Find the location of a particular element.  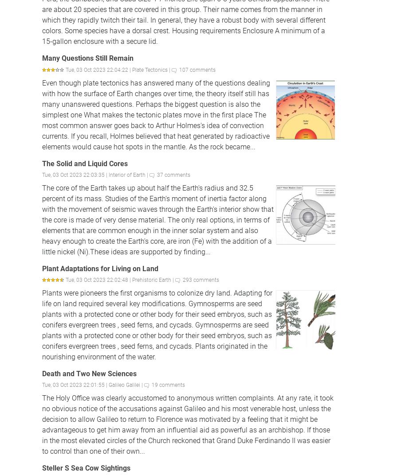

'Tue, 03 Oct 2023 22:03:35                                    |' is located at coordinates (42, 174).